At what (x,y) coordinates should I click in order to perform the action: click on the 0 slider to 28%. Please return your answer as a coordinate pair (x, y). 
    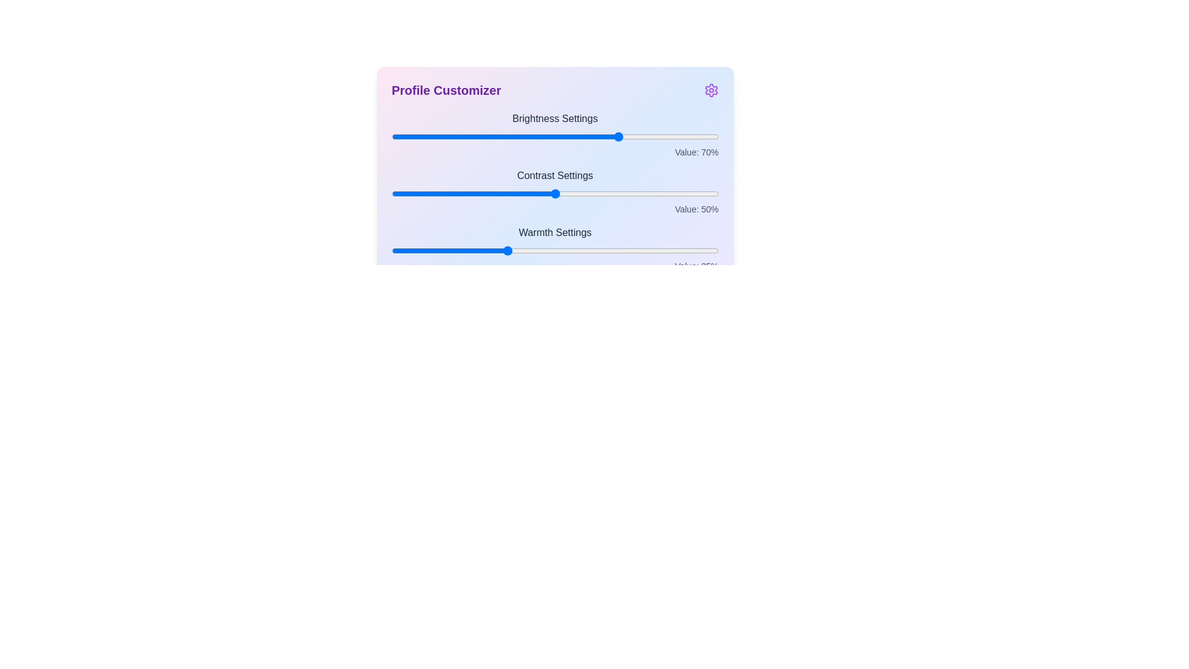
    Looking at the image, I should click on (482, 136).